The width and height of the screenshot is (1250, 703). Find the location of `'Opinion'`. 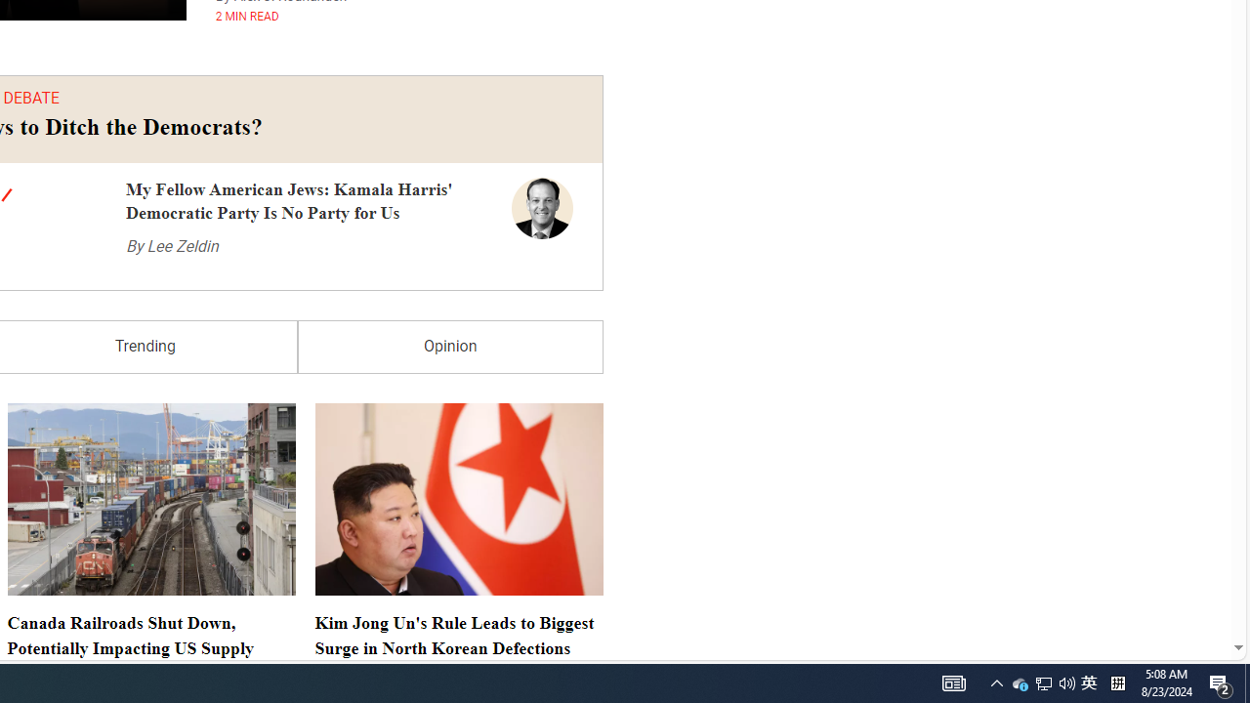

'Opinion' is located at coordinates (449, 346).